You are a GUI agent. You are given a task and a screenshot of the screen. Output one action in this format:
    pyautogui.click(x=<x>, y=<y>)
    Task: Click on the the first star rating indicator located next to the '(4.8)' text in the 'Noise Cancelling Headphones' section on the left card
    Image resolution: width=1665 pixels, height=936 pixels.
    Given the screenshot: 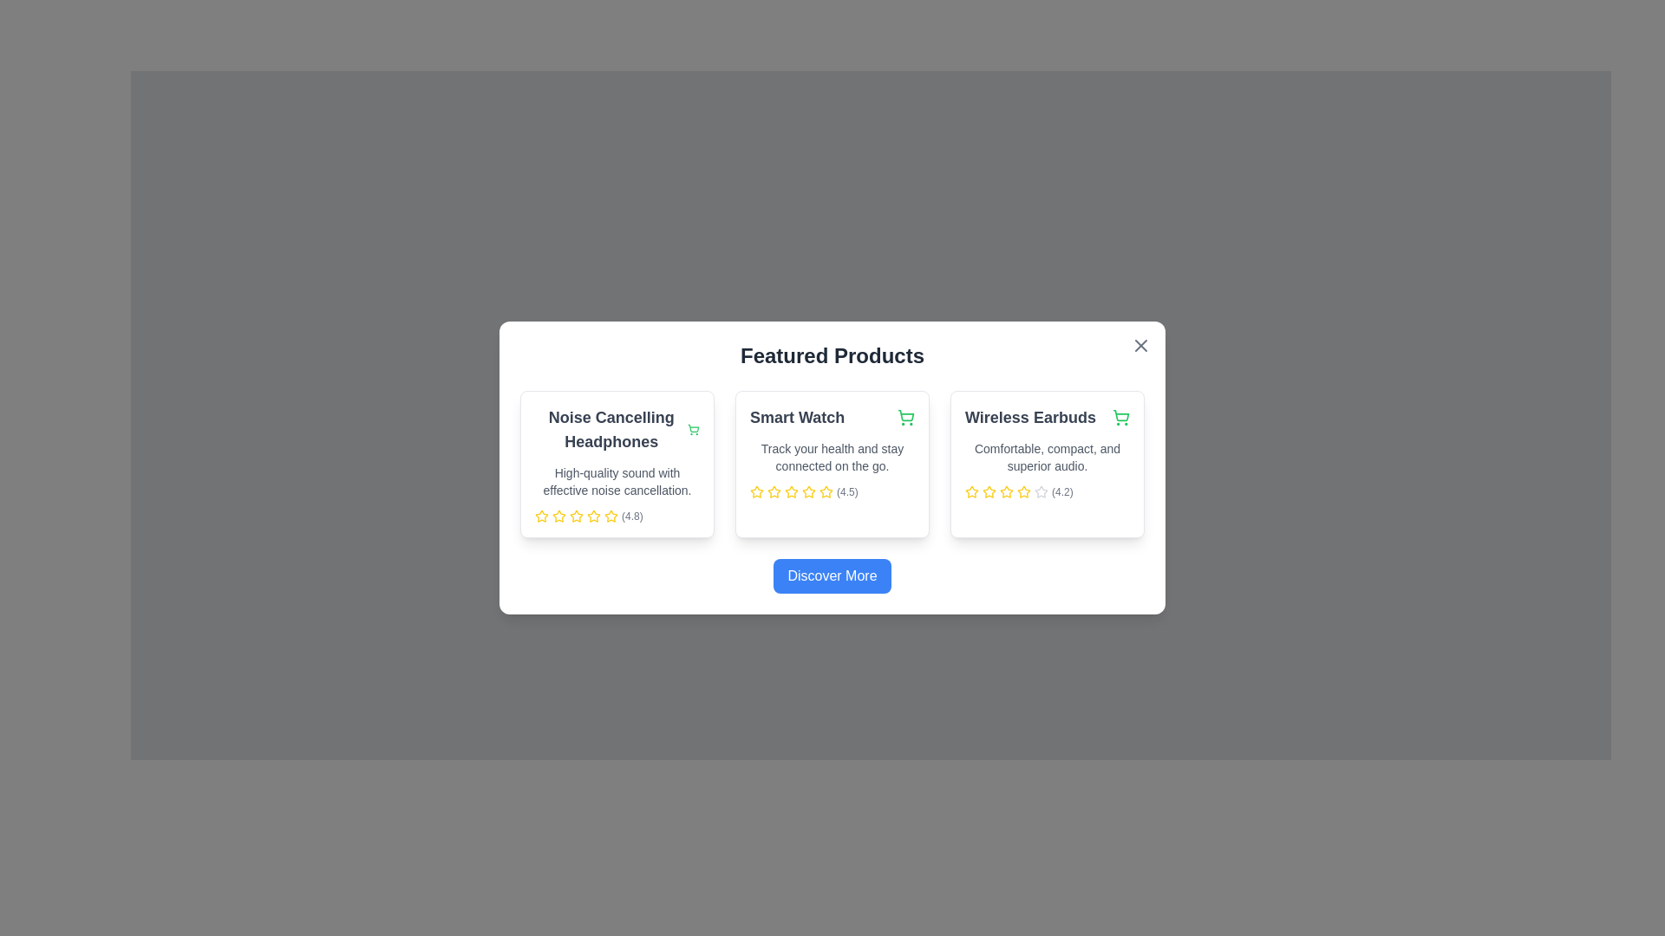 What is the action you would take?
    pyautogui.click(x=540, y=516)
    